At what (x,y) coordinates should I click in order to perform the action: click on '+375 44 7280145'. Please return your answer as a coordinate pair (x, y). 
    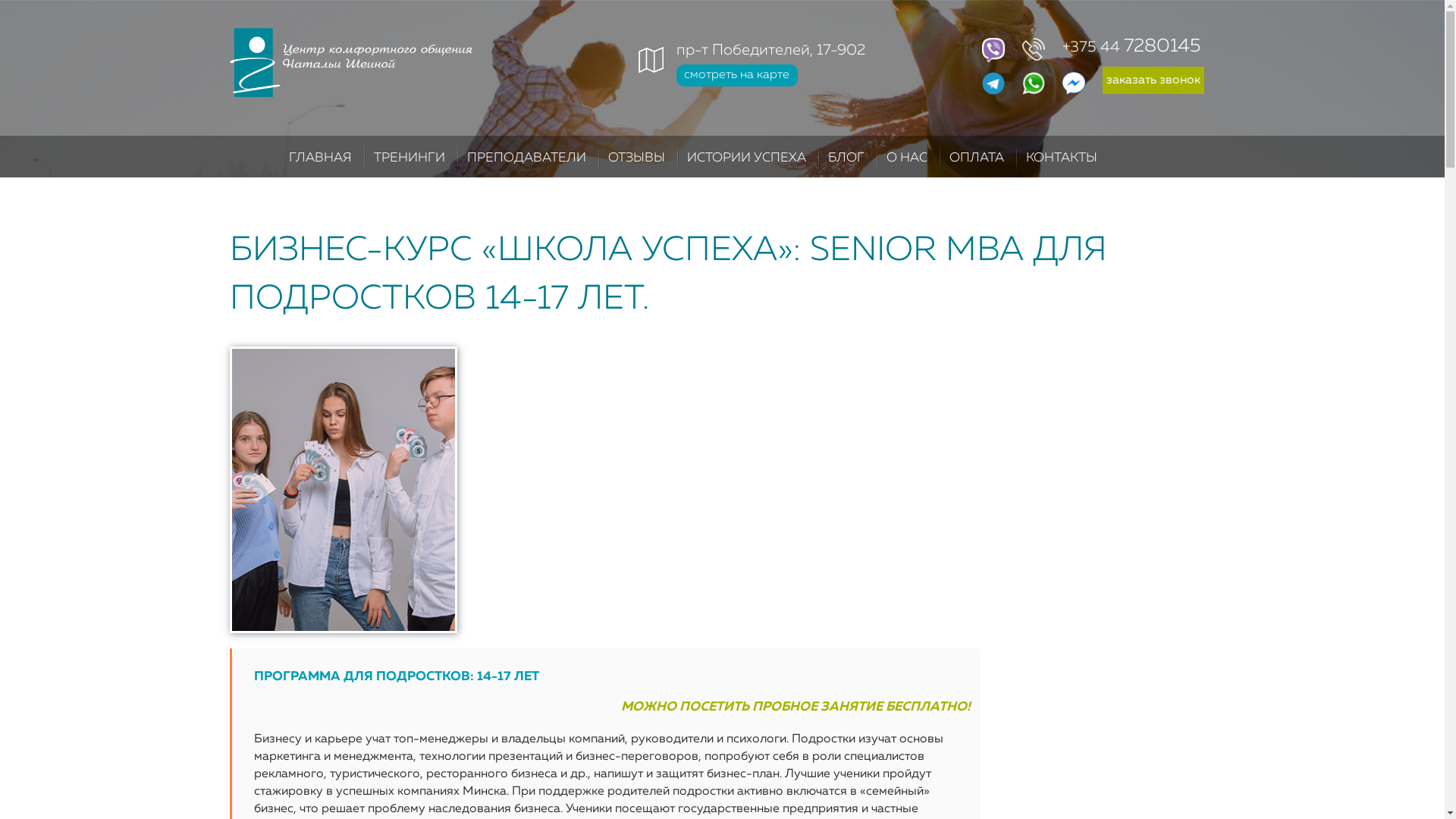
    Looking at the image, I should click on (1092, 45).